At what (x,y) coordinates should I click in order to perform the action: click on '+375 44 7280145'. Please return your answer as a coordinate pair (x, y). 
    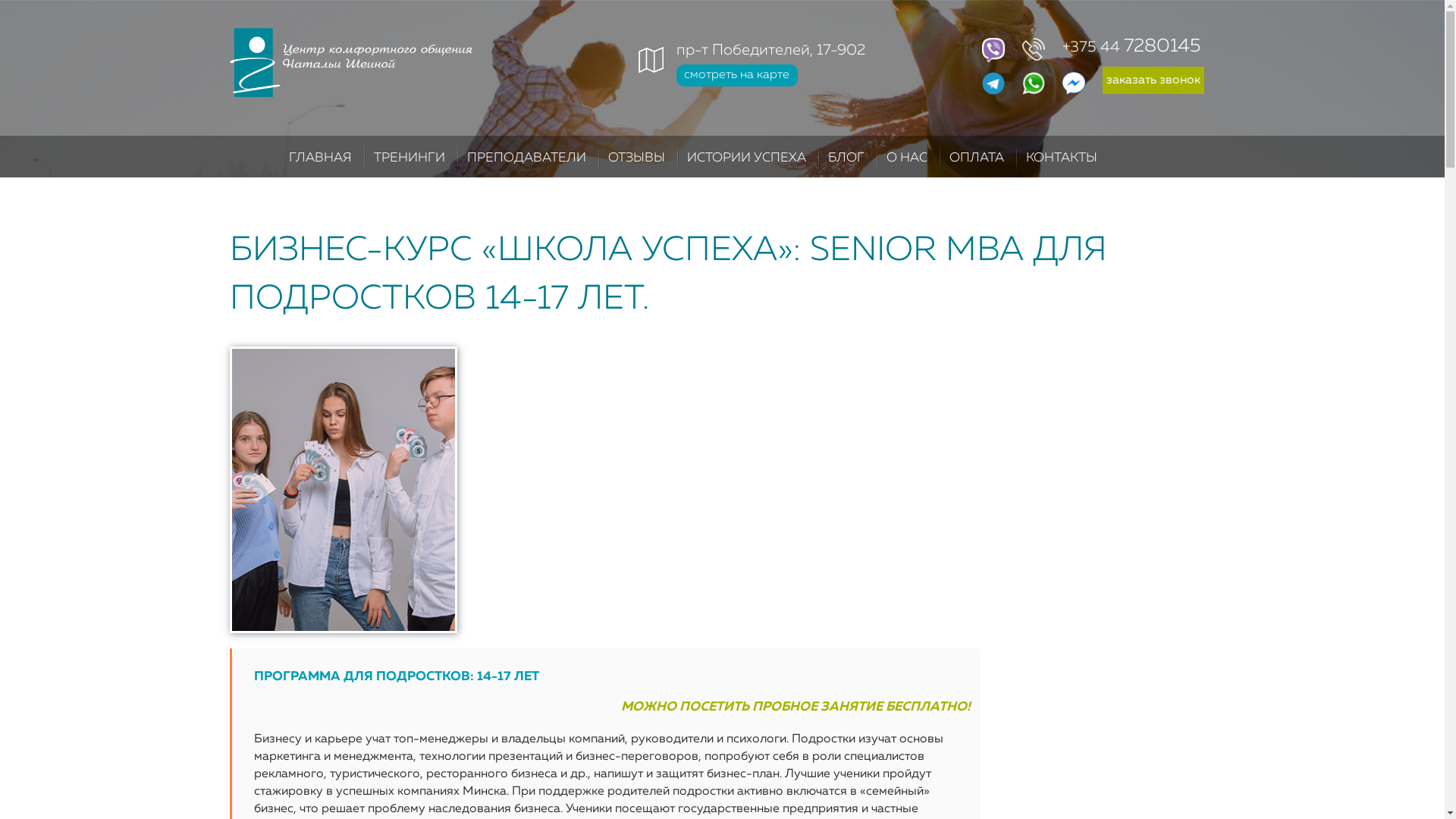
    Looking at the image, I should click on (1092, 45).